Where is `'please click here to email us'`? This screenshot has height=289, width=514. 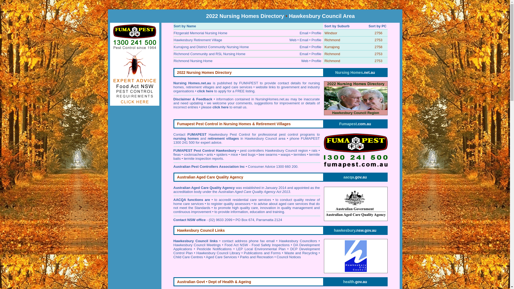 'please click here to email us' is located at coordinates (224, 107).